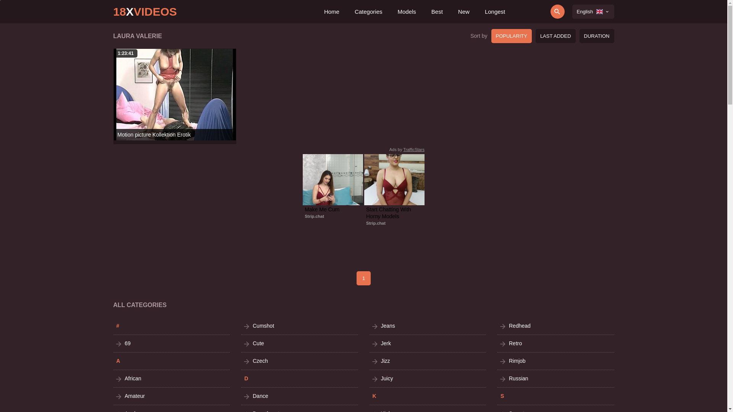  I want to click on 'DURATION', so click(596, 36).